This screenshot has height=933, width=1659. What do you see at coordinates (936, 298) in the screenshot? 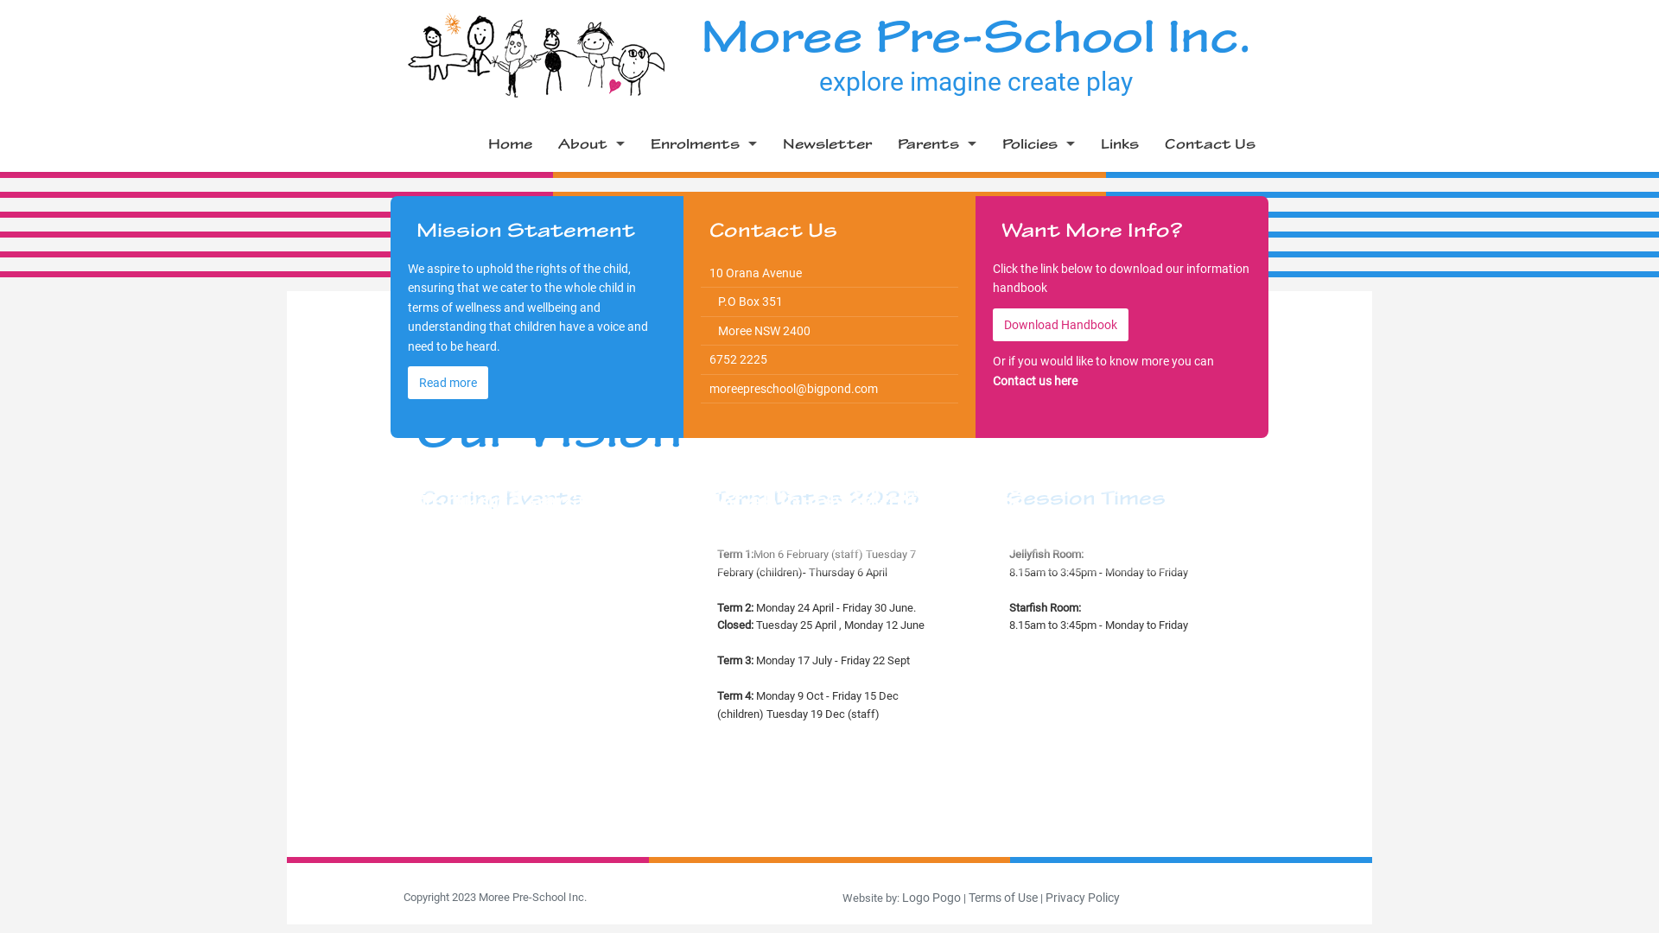
I see `'Room Information'` at bounding box center [936, 298].